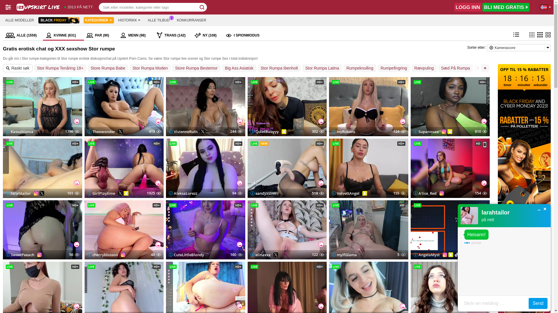  Describe the element at coordinates (192, 35) in the screenshot. I see `'NY (108)'` at that location.